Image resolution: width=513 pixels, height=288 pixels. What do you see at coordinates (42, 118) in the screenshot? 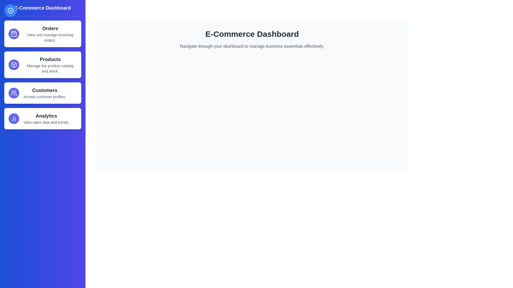
I see `the menu item labeled Analytics` at bounding box center [42, 118].